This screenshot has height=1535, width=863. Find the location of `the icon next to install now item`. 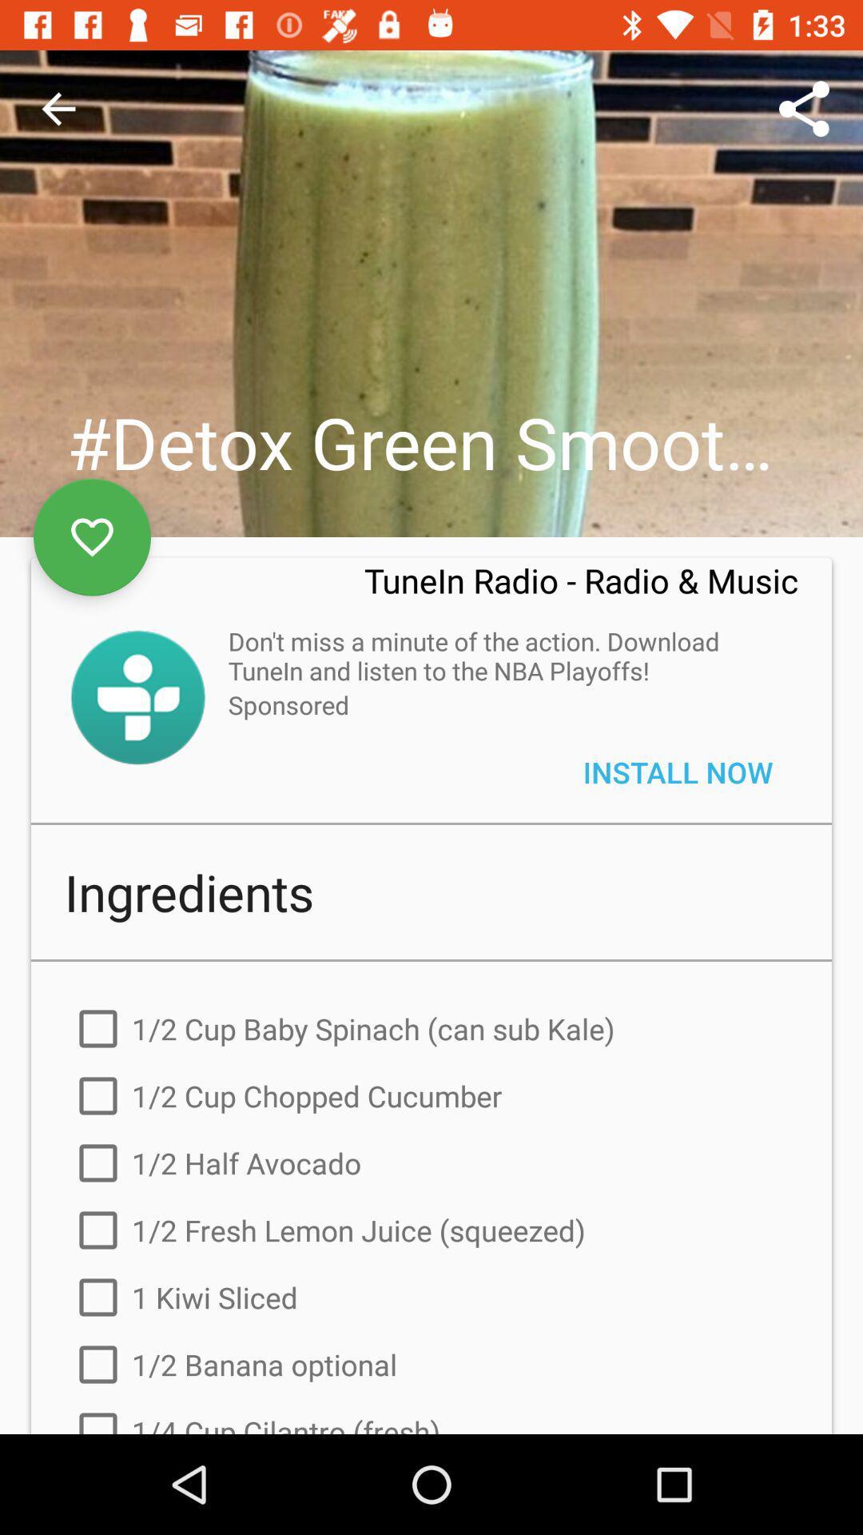

the icon next to install now item is located at coordinates (288, 704).